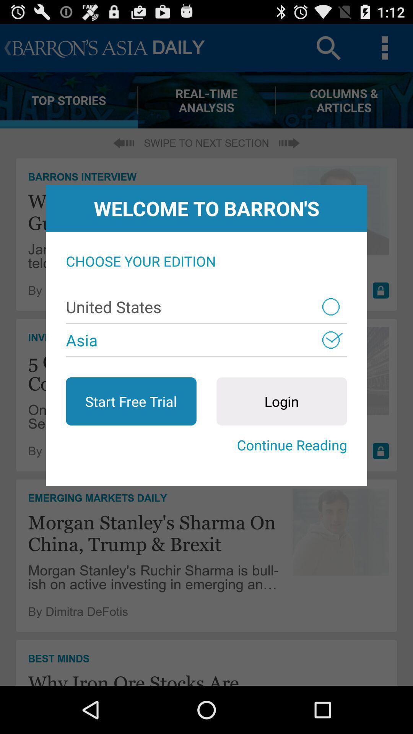  I want to click on app above continue reading item, so click(131, 401).